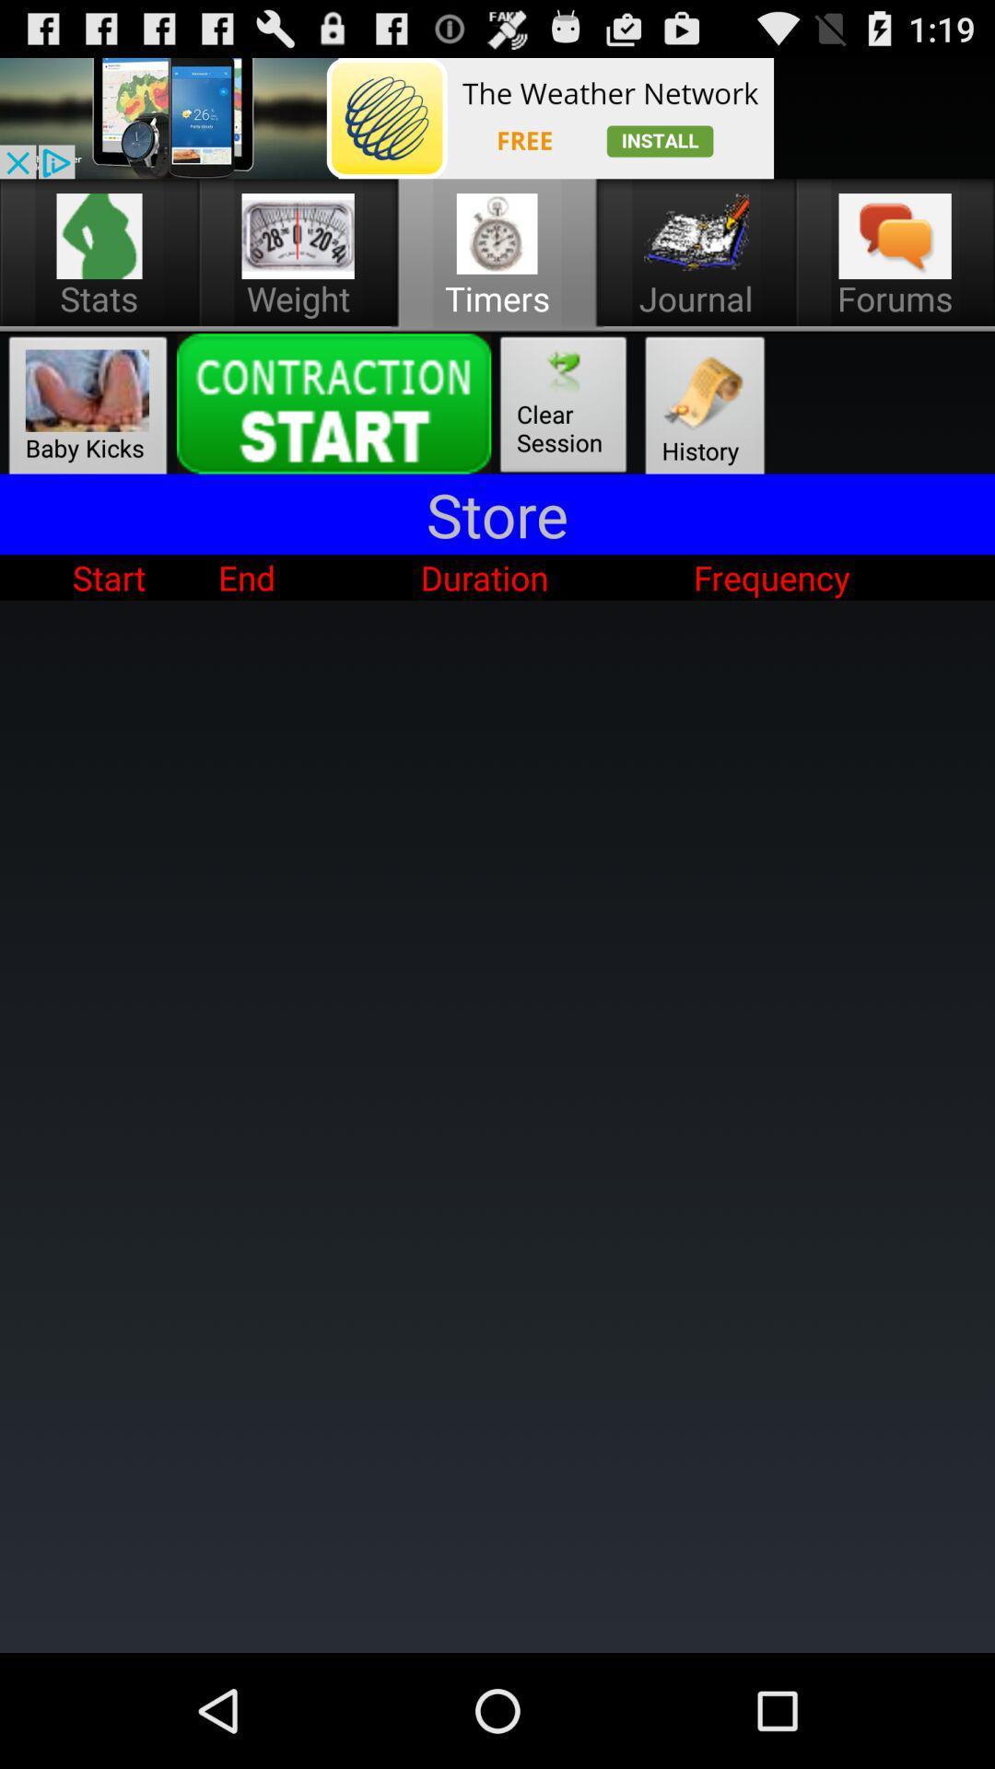 The width and height of the screenshot is (995, 1769). I want to click on button, so click(386, 117).